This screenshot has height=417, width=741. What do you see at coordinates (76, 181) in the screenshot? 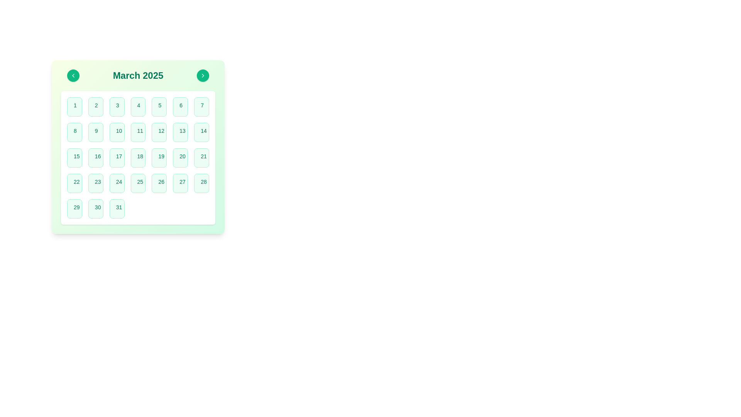
I see `the Text Label representing the calendar date located in the sixth row and third column of the calendar interface` at bounding box center [76, 181].